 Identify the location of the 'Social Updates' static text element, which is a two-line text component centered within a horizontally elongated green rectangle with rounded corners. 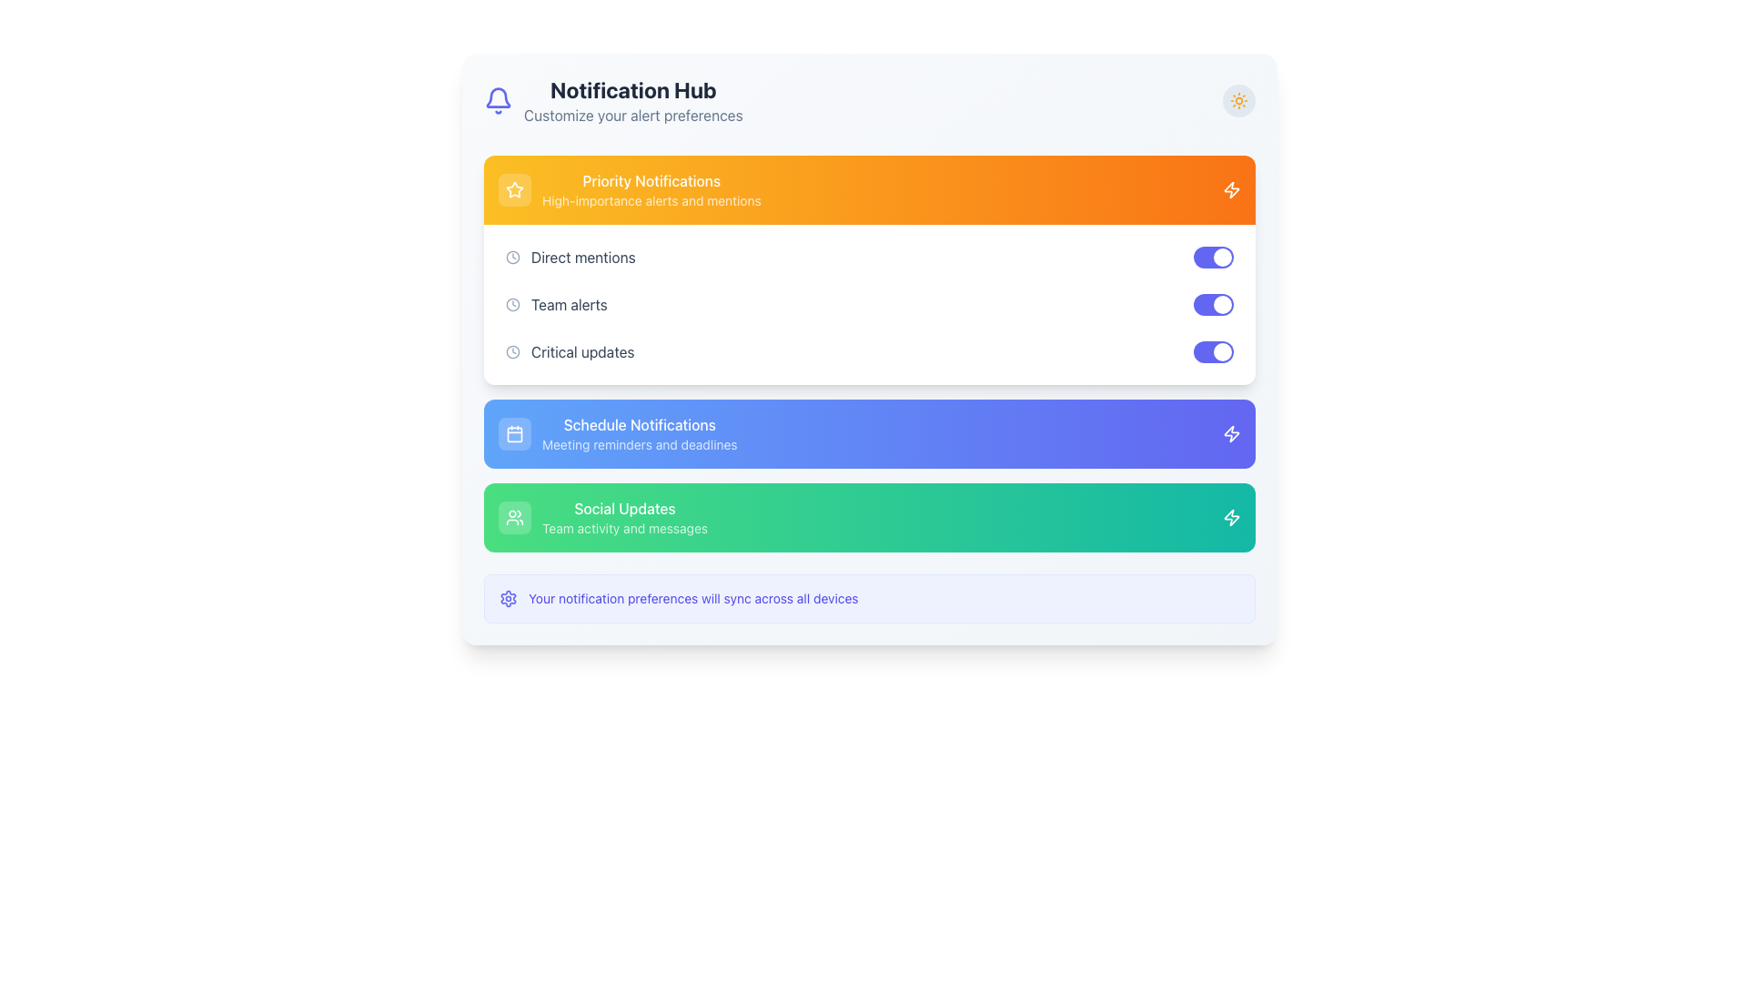
(624, 518).